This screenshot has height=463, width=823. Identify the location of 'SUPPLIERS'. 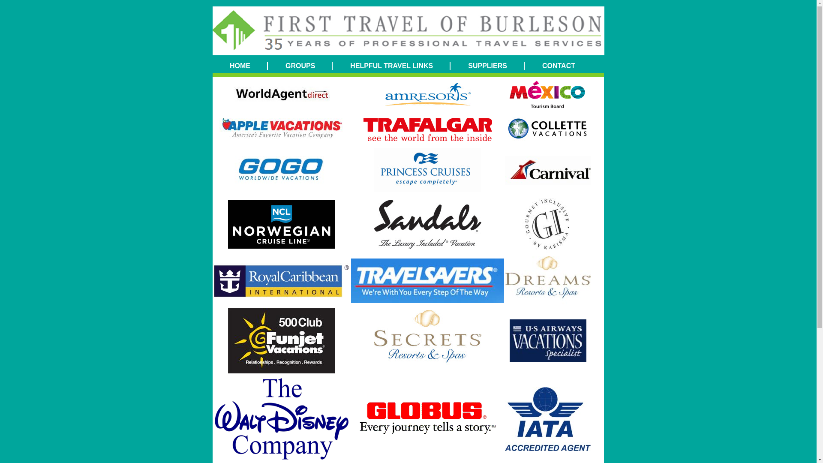
(487, 66).